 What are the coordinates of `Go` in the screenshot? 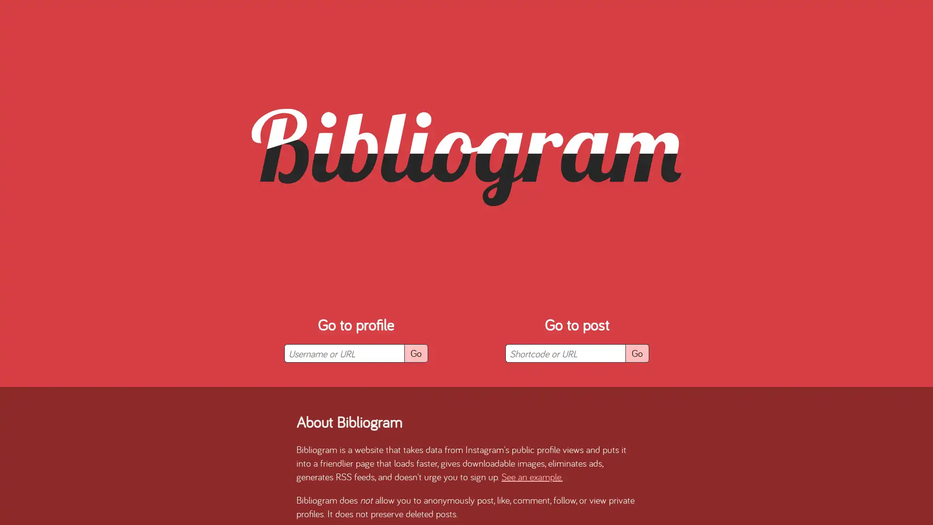 It's located at (415, 353).